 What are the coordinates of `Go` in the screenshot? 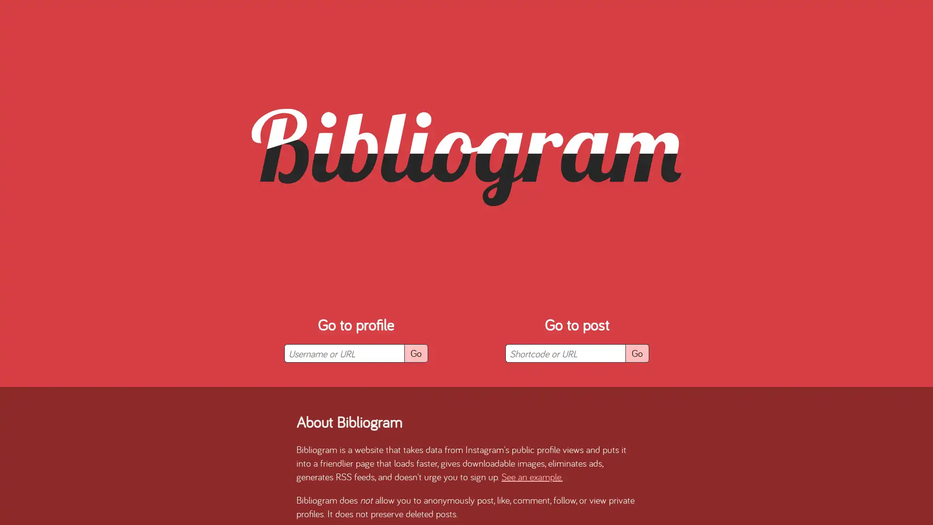 It's located at (415, 353).